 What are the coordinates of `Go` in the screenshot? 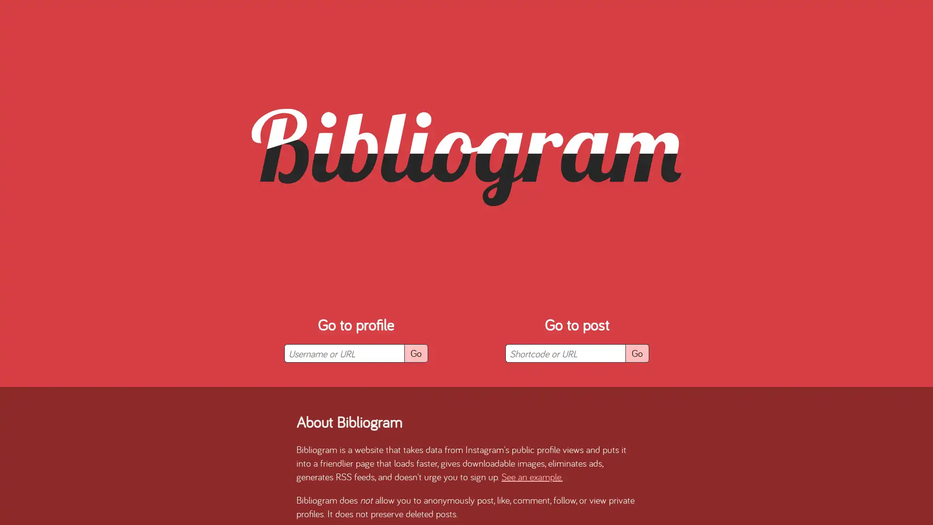 It's located at (415, 353).